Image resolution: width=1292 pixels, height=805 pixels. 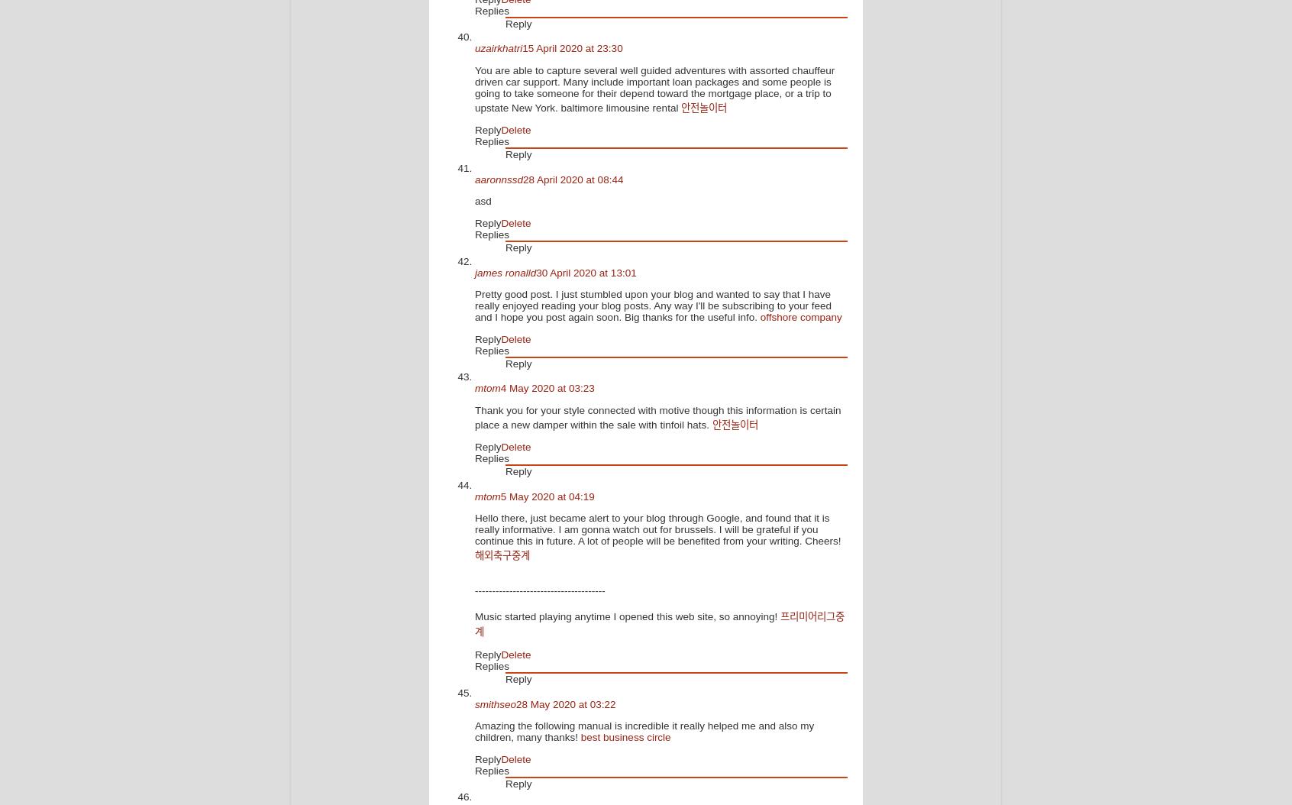 I want to click on 'Pretty good post. I just stumbled upon your blog and wanted to say that I have really enjoyed reading your blog posts. Any way I'll be subscribing to your feed and I hope you post again soon. Big thanks for the useful info.', so click(x=652, y=305).